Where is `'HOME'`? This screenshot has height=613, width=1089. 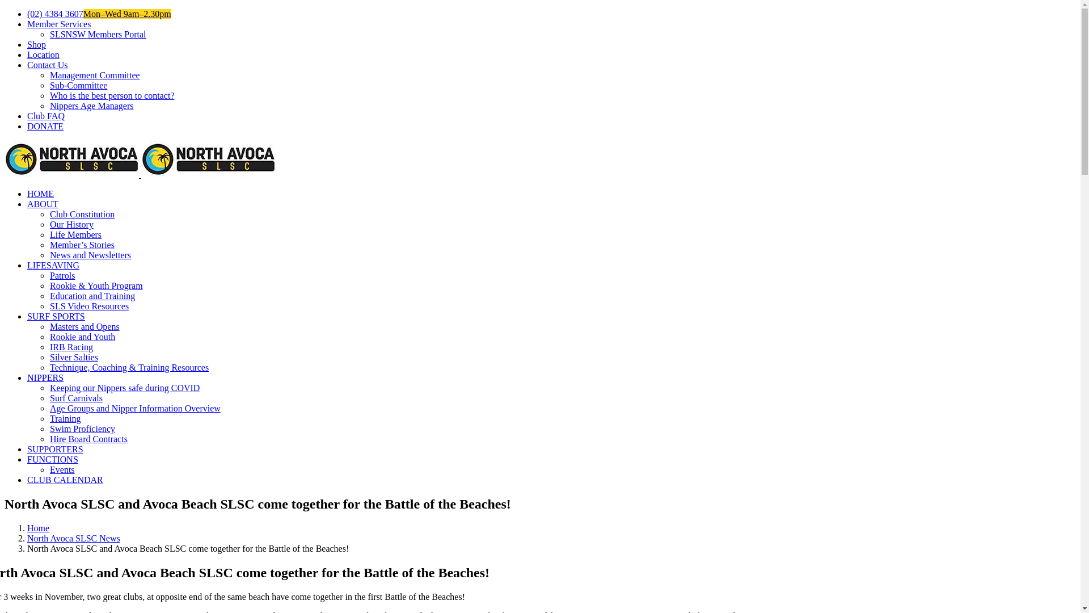 'HOME' is located at coordinates (40, 193).